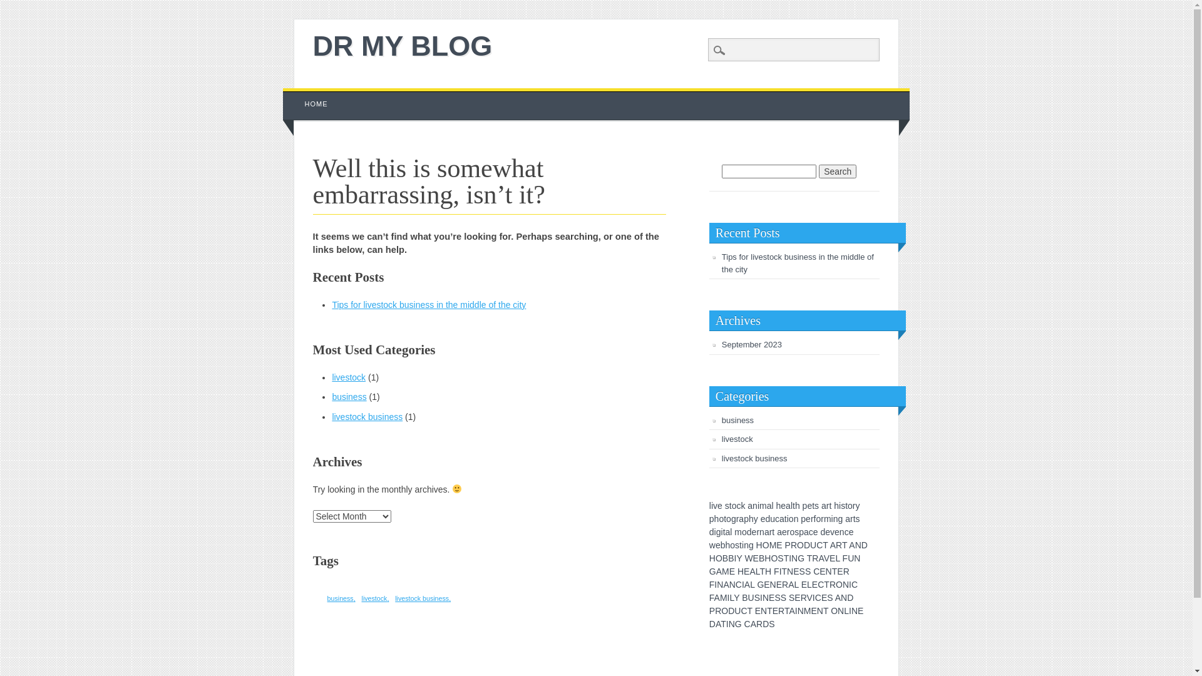 Image resolution: width=1202 pixels, height=676 pixels. I want to click on 'C', so click(739, 584).